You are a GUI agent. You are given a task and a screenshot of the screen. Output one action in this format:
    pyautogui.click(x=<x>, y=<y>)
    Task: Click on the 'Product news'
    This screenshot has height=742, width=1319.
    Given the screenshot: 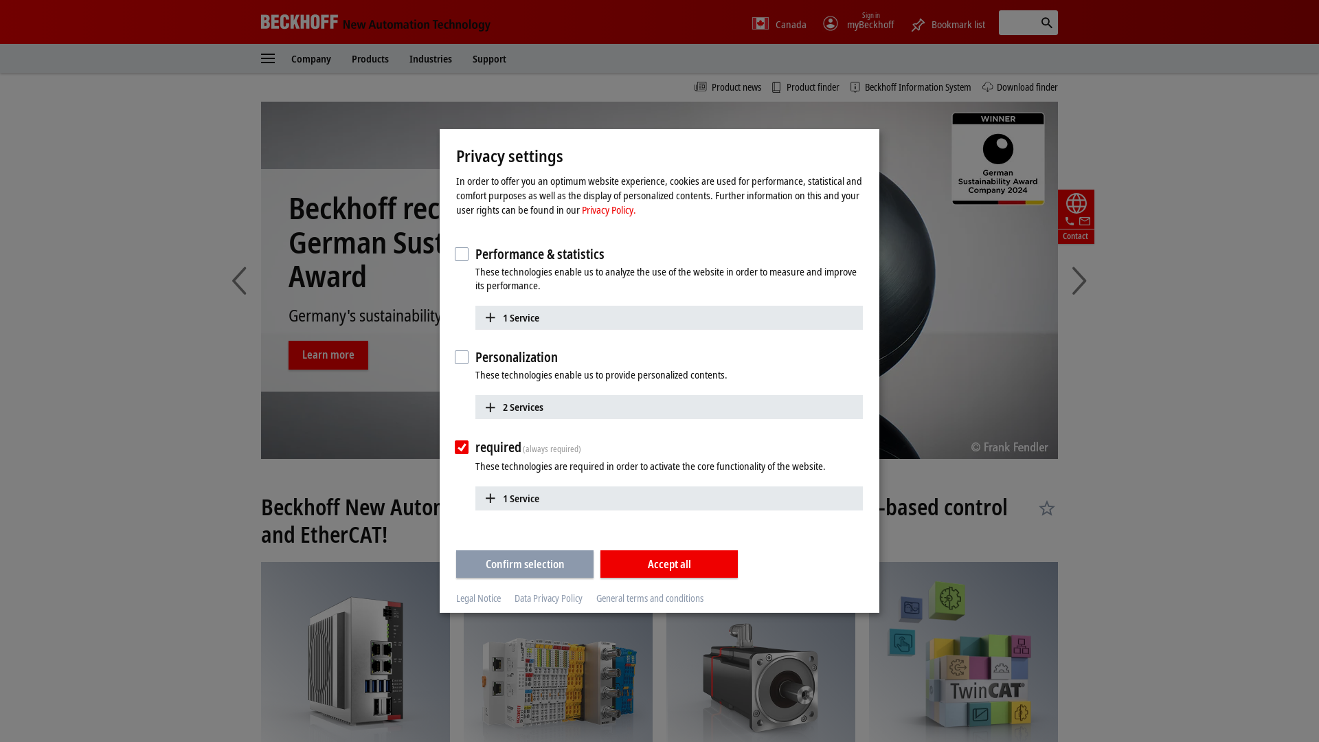 What is the action you would take?
    pyautogui.click(x=727, y=87)
    